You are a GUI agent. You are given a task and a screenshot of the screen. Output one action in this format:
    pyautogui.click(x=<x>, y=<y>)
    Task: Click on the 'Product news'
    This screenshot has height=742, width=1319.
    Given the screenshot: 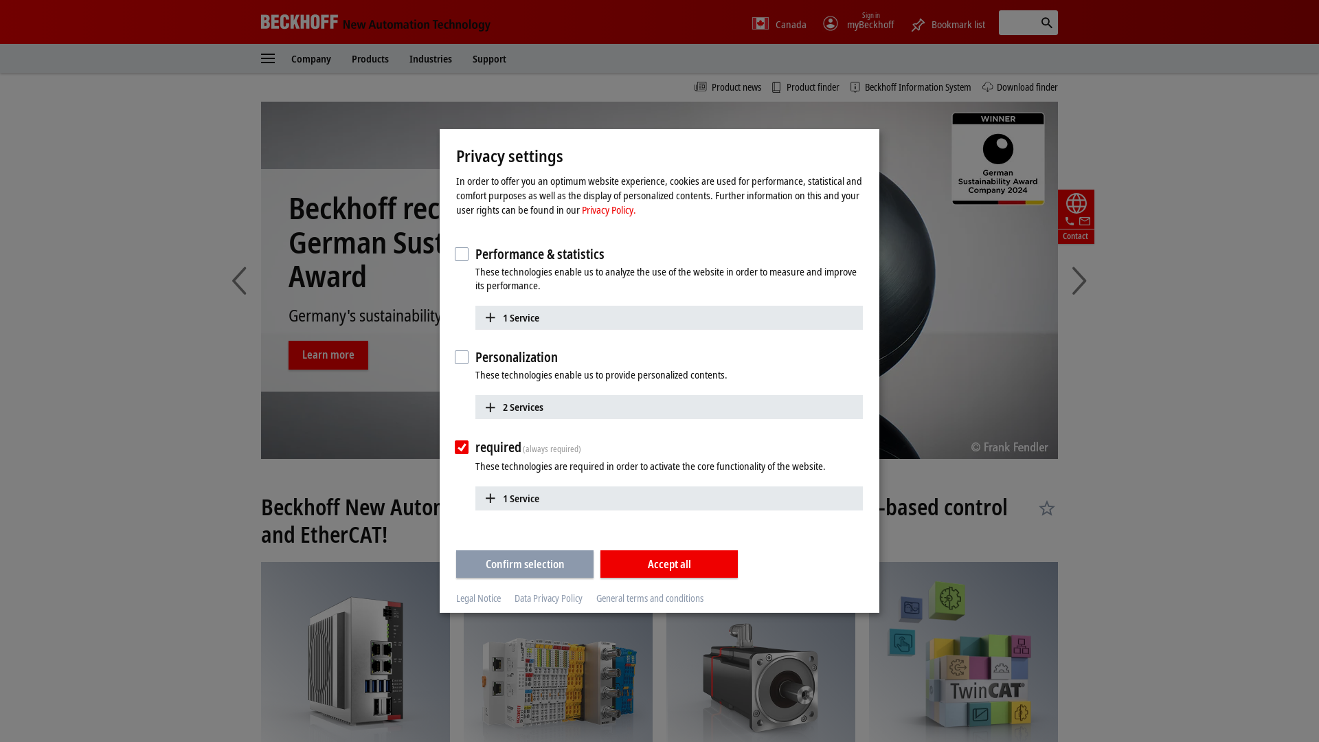 What is the action you would take?
    pyautogui.click(x=727, y=87)
    